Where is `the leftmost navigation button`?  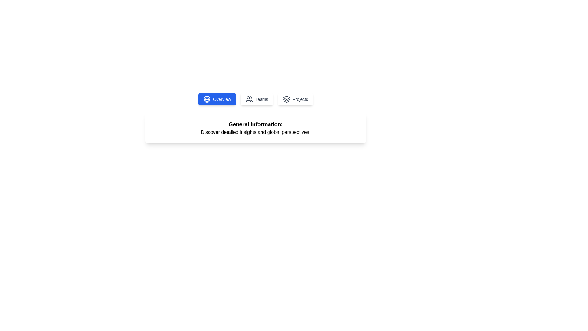 the leftmost navigation button is located at coordinates (217, 99).